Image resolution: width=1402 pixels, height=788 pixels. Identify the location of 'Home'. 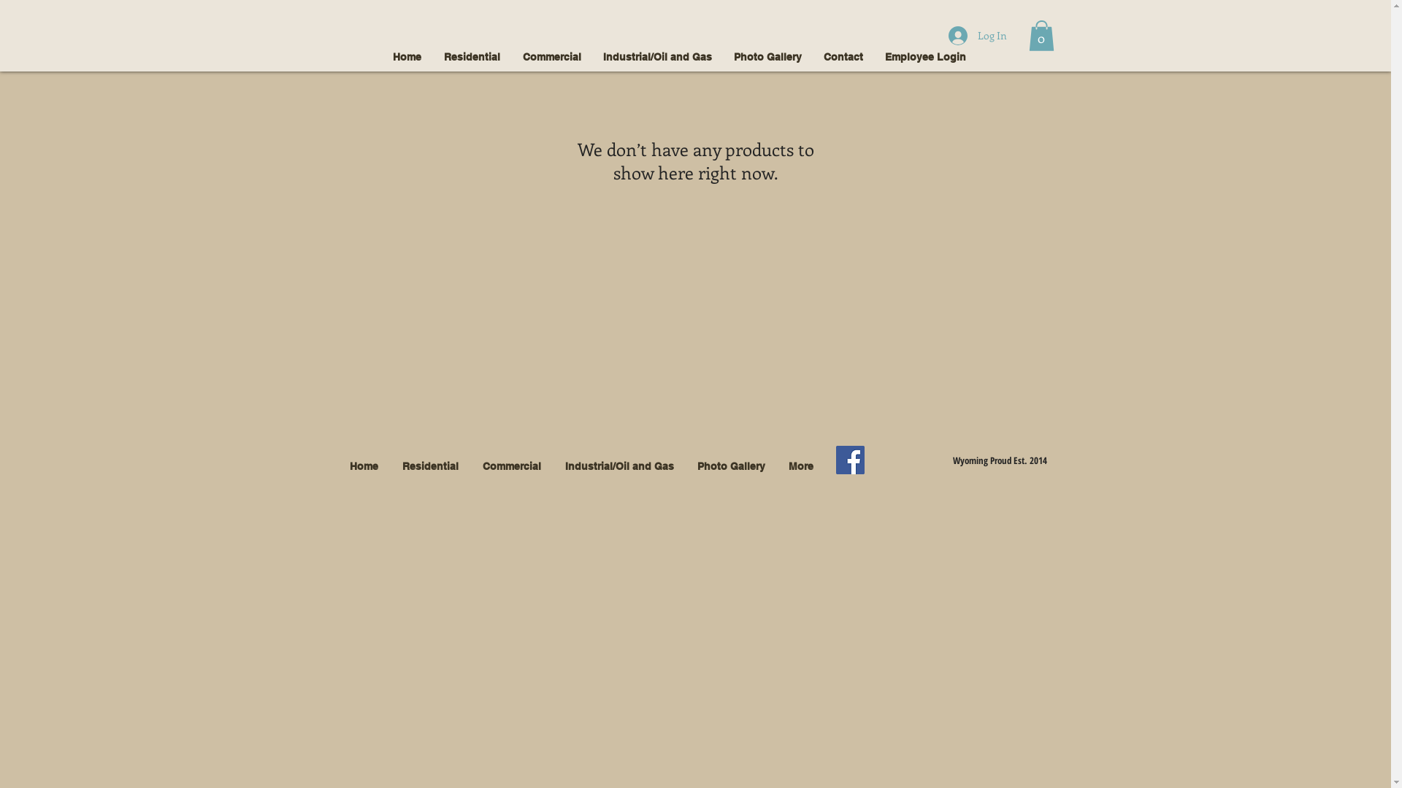
(364, 466).